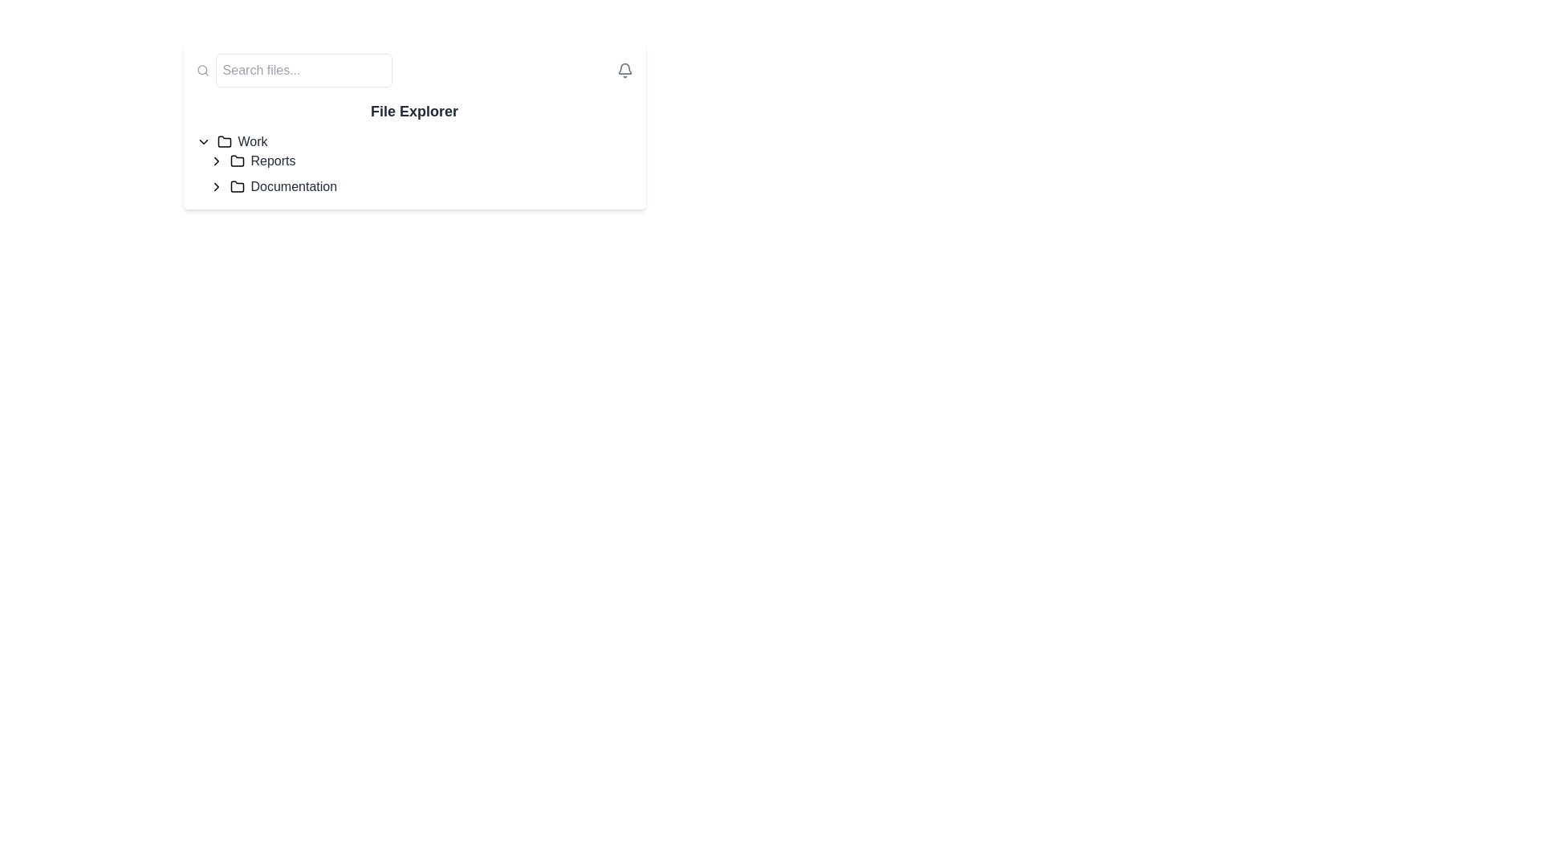 Image resolution: width=1541 pixels, height=867 pixels. Describe the element at coordinates (202, 141) in the screenshot. I see `the chevron button to the left of the 'Work' label in the 'File Explorer' section` at that location.